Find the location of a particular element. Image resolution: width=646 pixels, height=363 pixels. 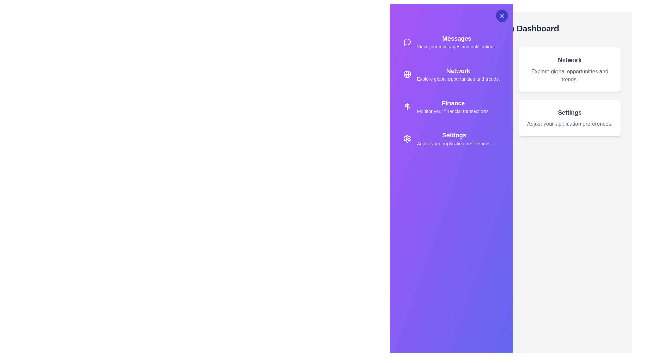

toggle button at the top-right corner of the drawer to toggle its state is located at coordinates (502, 15).